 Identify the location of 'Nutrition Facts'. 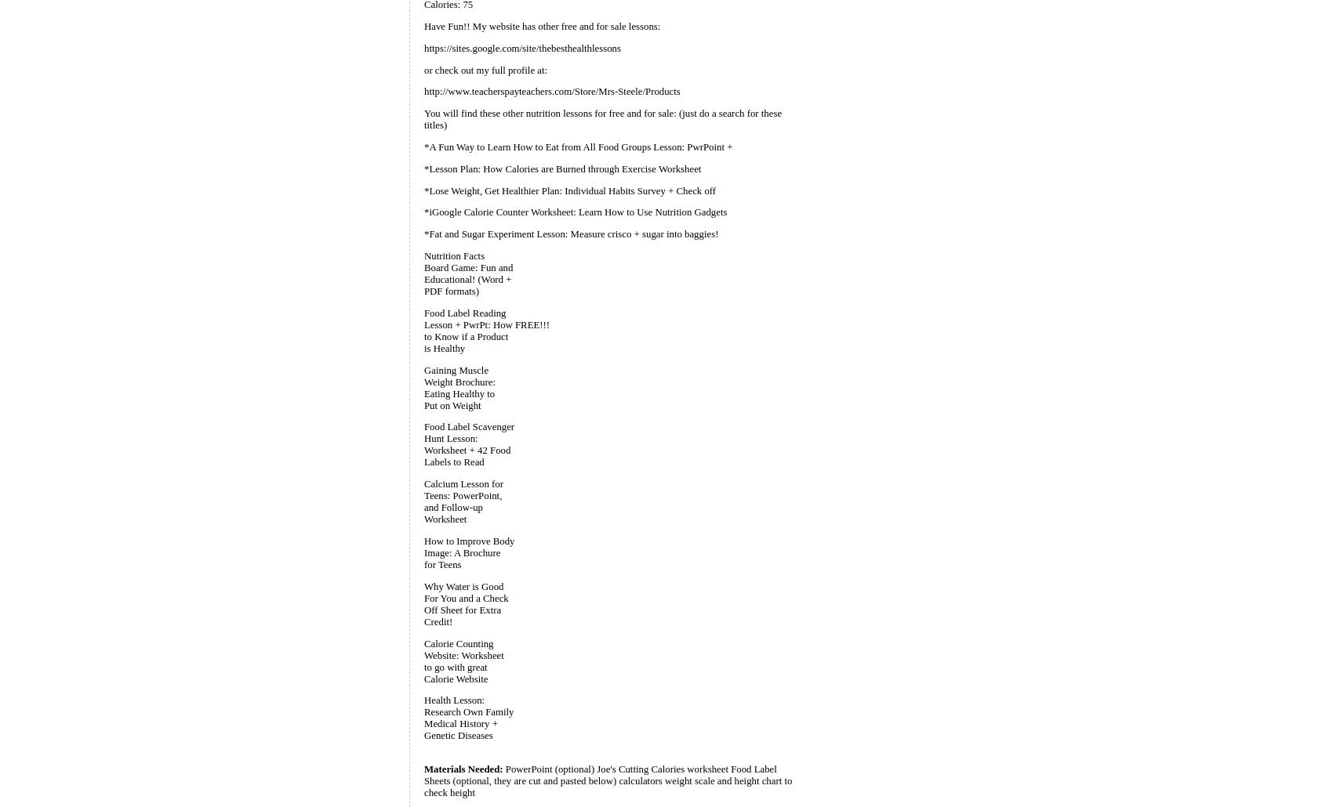
(453, 254).